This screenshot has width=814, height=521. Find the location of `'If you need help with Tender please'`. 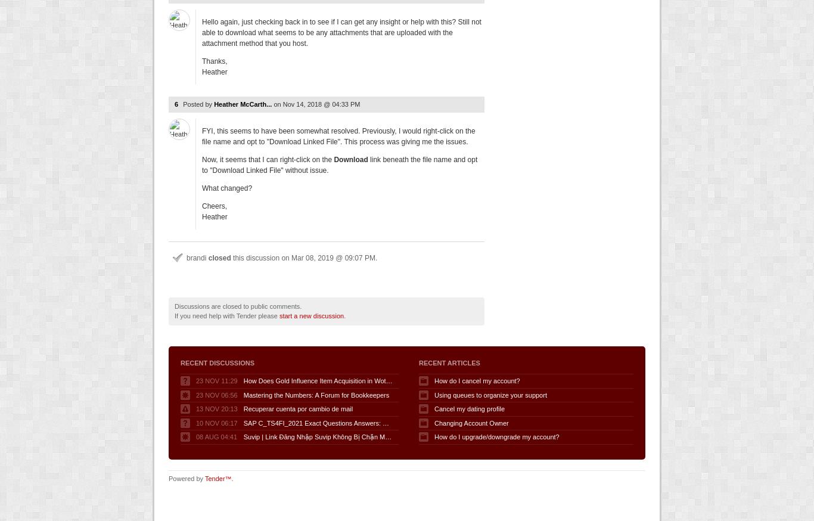

'If you need help with Tender please' is located at coordinates (175, 315).